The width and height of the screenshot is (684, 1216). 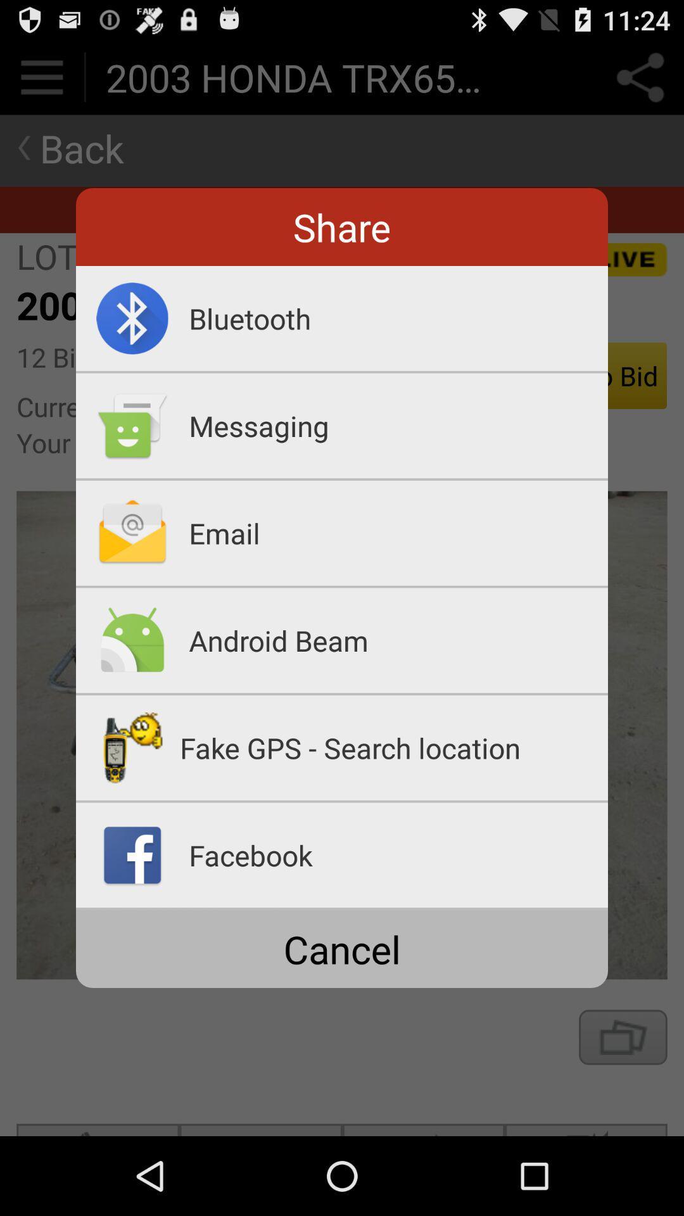 What do you see at coordinates (393, 747) in the screenshot?
I see `the fake gps search` at bounding box center [393, 747].